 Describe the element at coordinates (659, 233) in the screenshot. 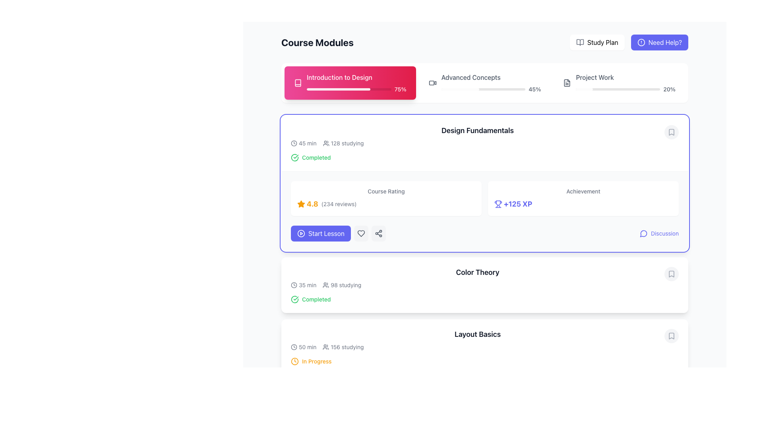

I see `the 'Discussion' button with a speech bubble icon located in the bottom-right corner of the 'Design Fundamentals' section` at that location.